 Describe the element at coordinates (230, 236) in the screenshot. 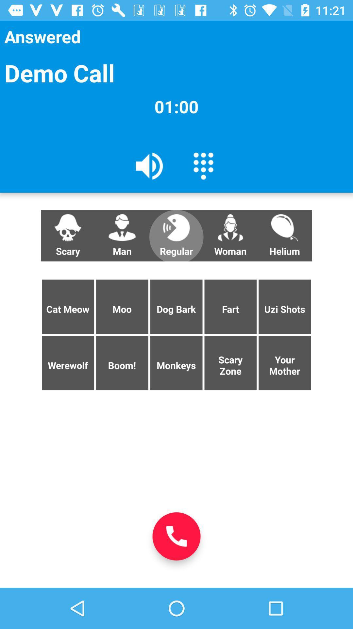

I see `item to the right of the regular button` at that location.